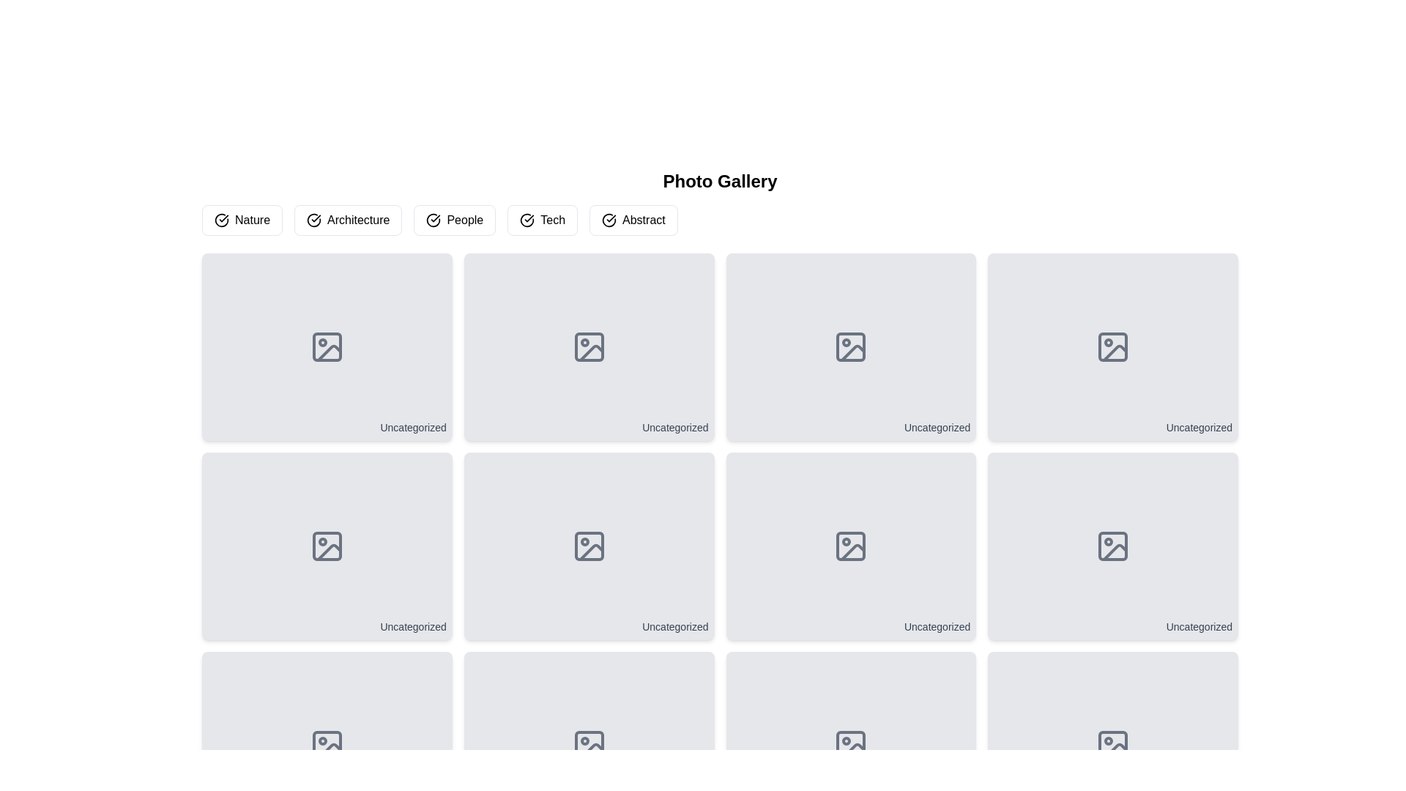  Describe the element at coordinates (937, 427) in the screenshot. I see `the text label reading 'Uncategorized' located at the bottom-right corner of the third card in the top row of the grid layout` at that location.